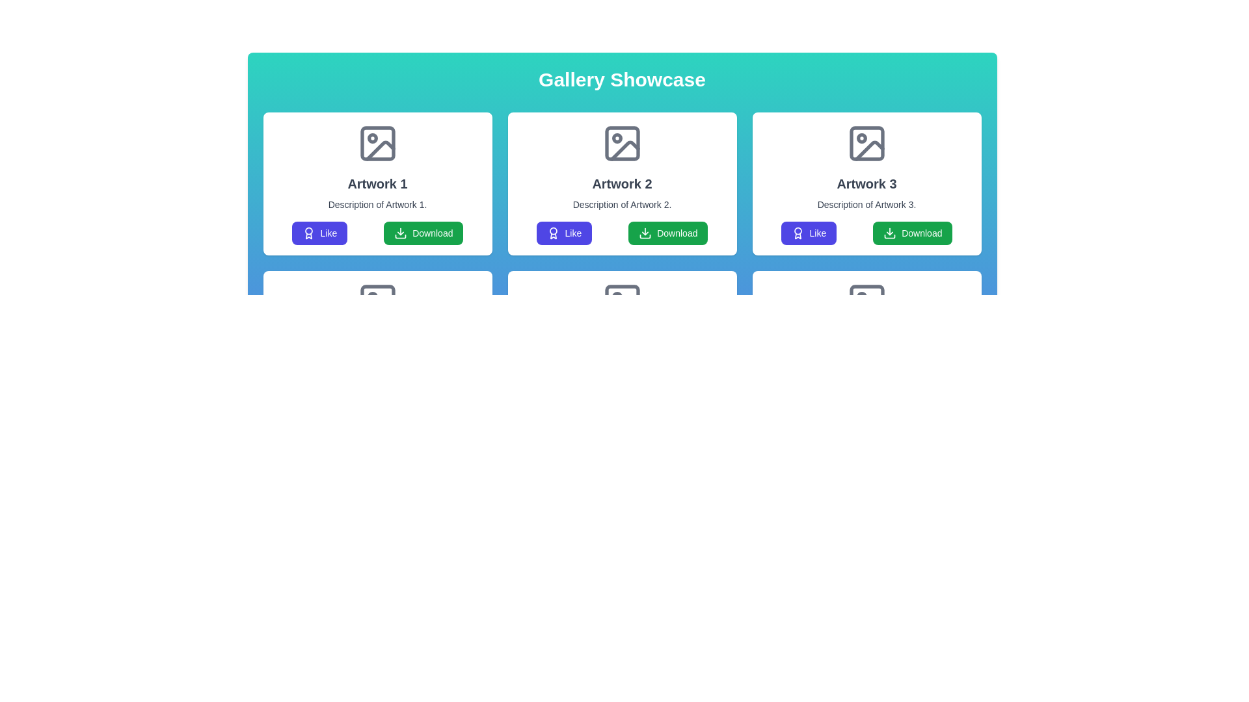 The width and height of the screenshot is (1249, 702). What do you see at coordinates (797, 230) in the screenshot?
I see `the SVG Circle Element that is part of the award or badge-like icon located to the left of the 'Like' button under the 'Artwork 3' section in the gallery showcase` at bounding box center [797, 230].